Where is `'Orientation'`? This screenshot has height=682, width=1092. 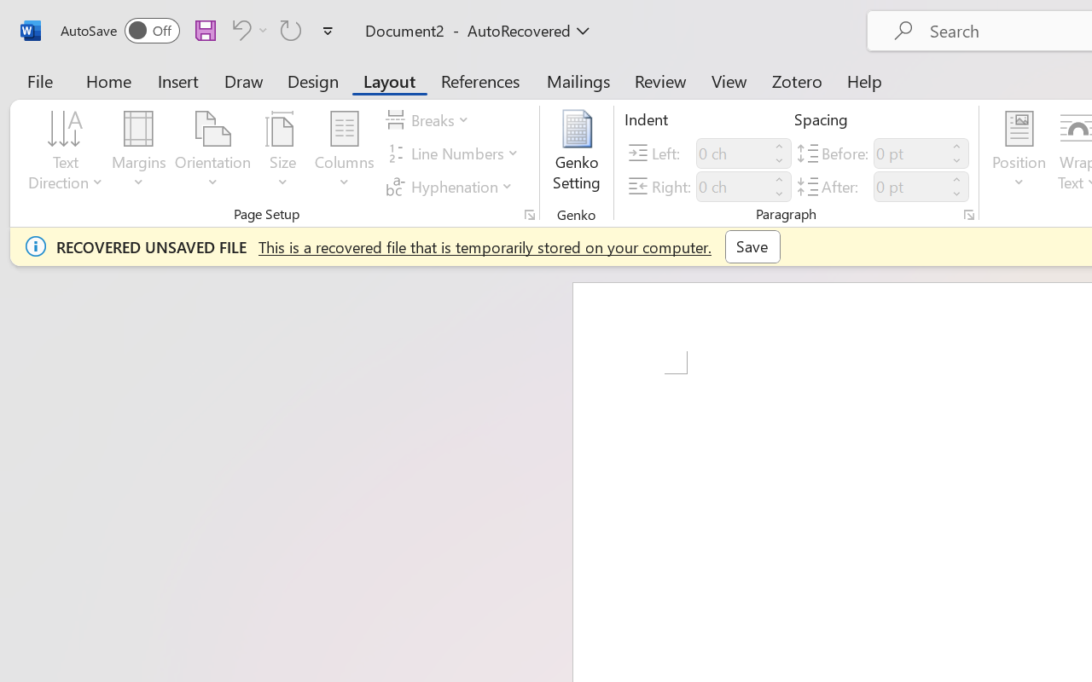
'Orientation' is located at coordinates (212, 153).